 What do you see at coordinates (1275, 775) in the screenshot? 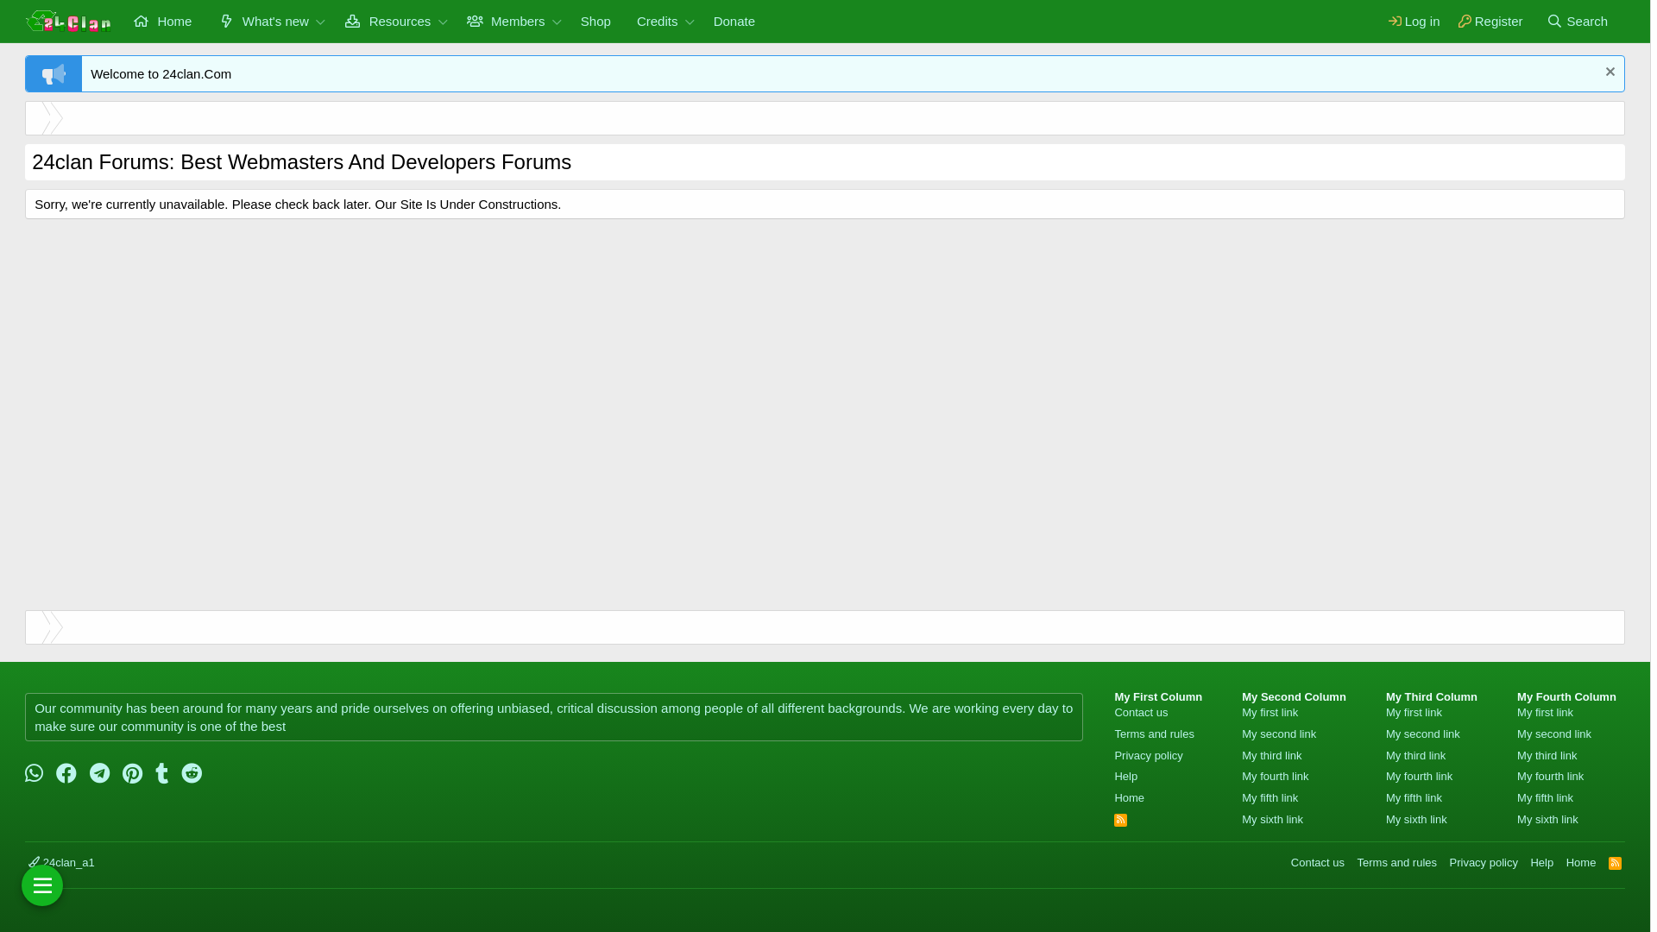
I see `'My fourth link'` at bounding box center [1275, 775].